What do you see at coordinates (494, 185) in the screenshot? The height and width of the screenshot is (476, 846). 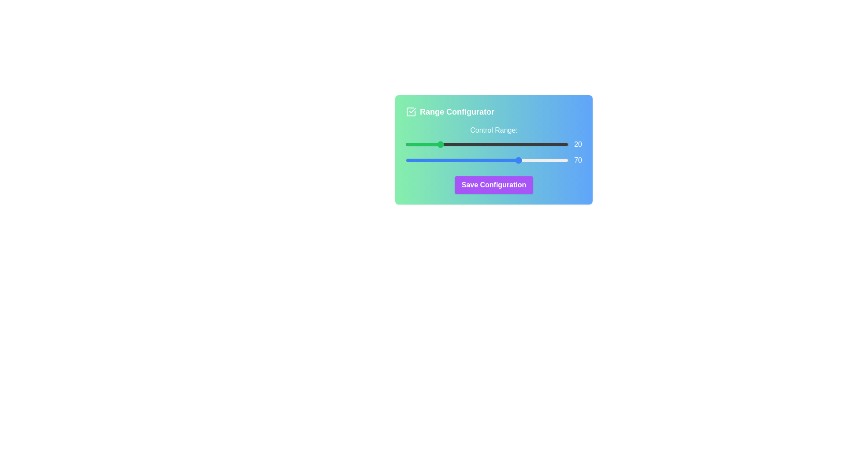 I see `the 'Save Configuration' button` at bounding box center [494, 185].